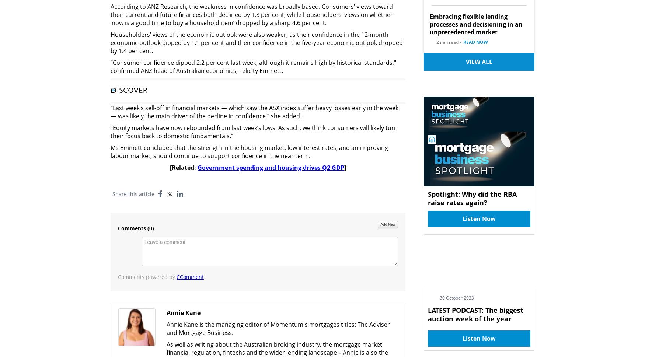  I want to click on ']', so click(345, 167).